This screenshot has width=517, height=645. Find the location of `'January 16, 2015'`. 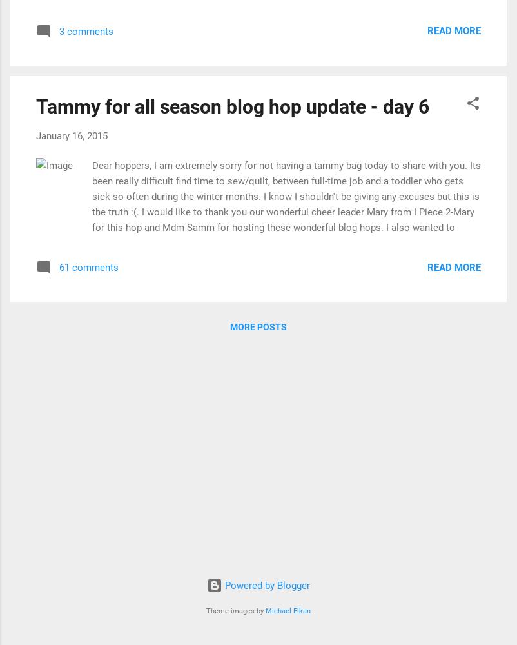

'January 16, 2015' is located at coordinates (72, 135).